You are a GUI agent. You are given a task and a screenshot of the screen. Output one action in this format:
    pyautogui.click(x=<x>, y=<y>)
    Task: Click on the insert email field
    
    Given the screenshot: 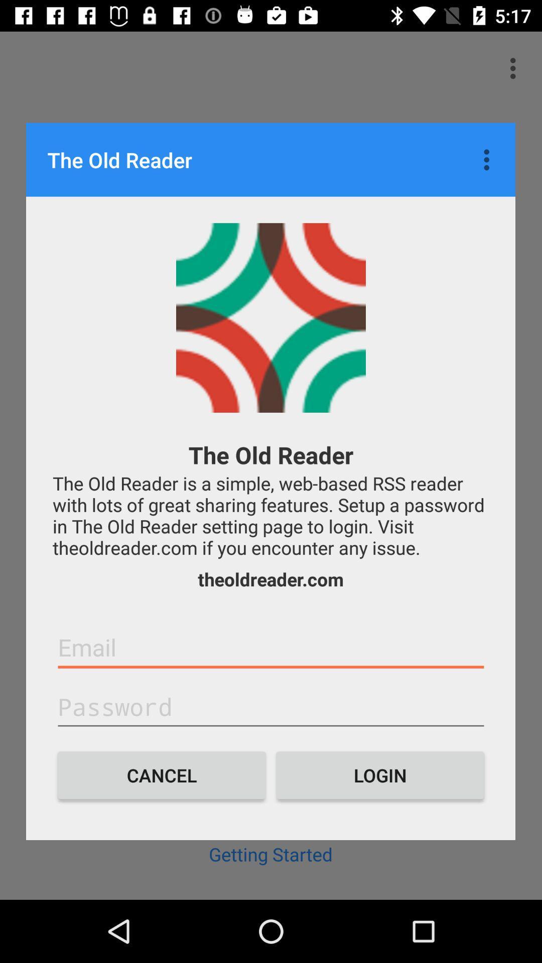 What is the action you would take?
    pyautogui.click(x=271, y=648)
    